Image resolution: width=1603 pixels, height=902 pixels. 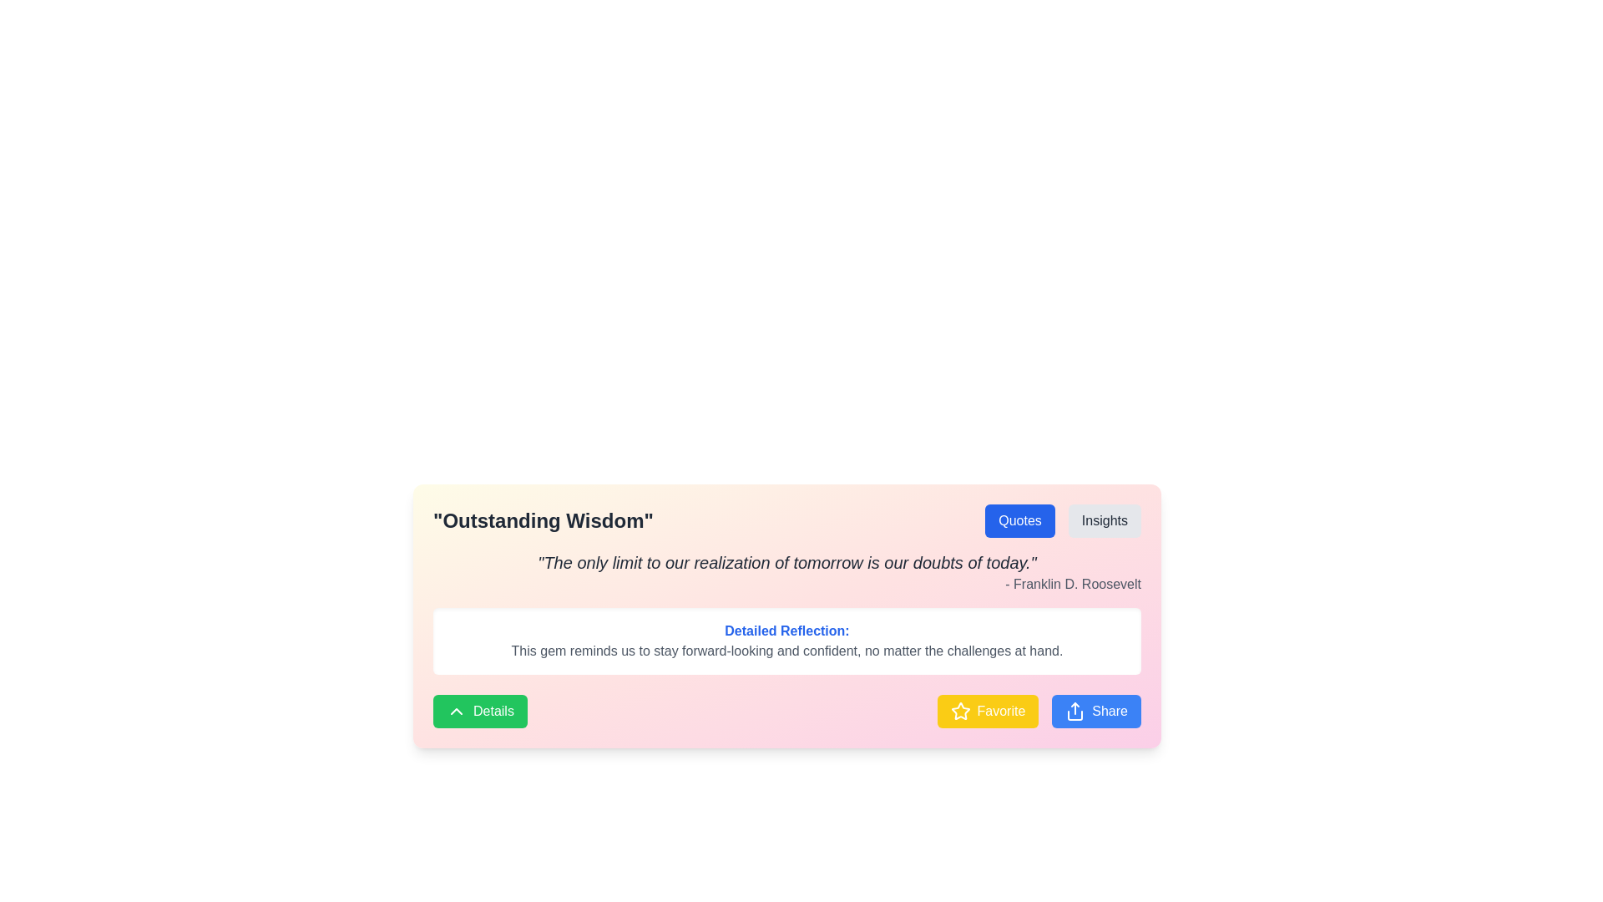 I want to click on the italicized quote text element that reads: 'The only limit to our realization of tomorrow is our doubts of today.', so click(x=786, y=563).